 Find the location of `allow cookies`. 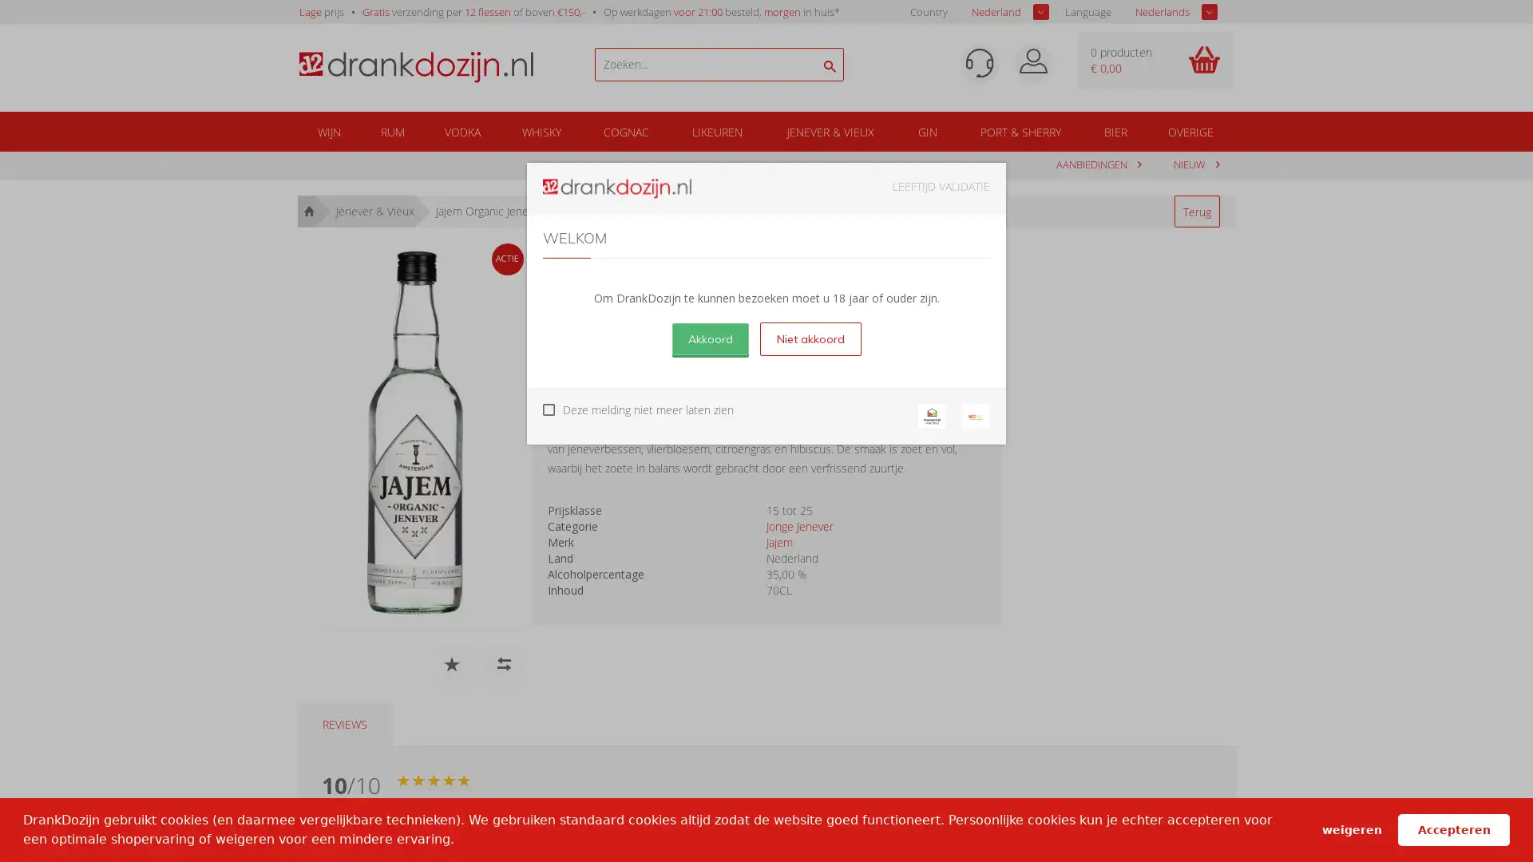

allow cookies is located at coordinates (1453, 828).